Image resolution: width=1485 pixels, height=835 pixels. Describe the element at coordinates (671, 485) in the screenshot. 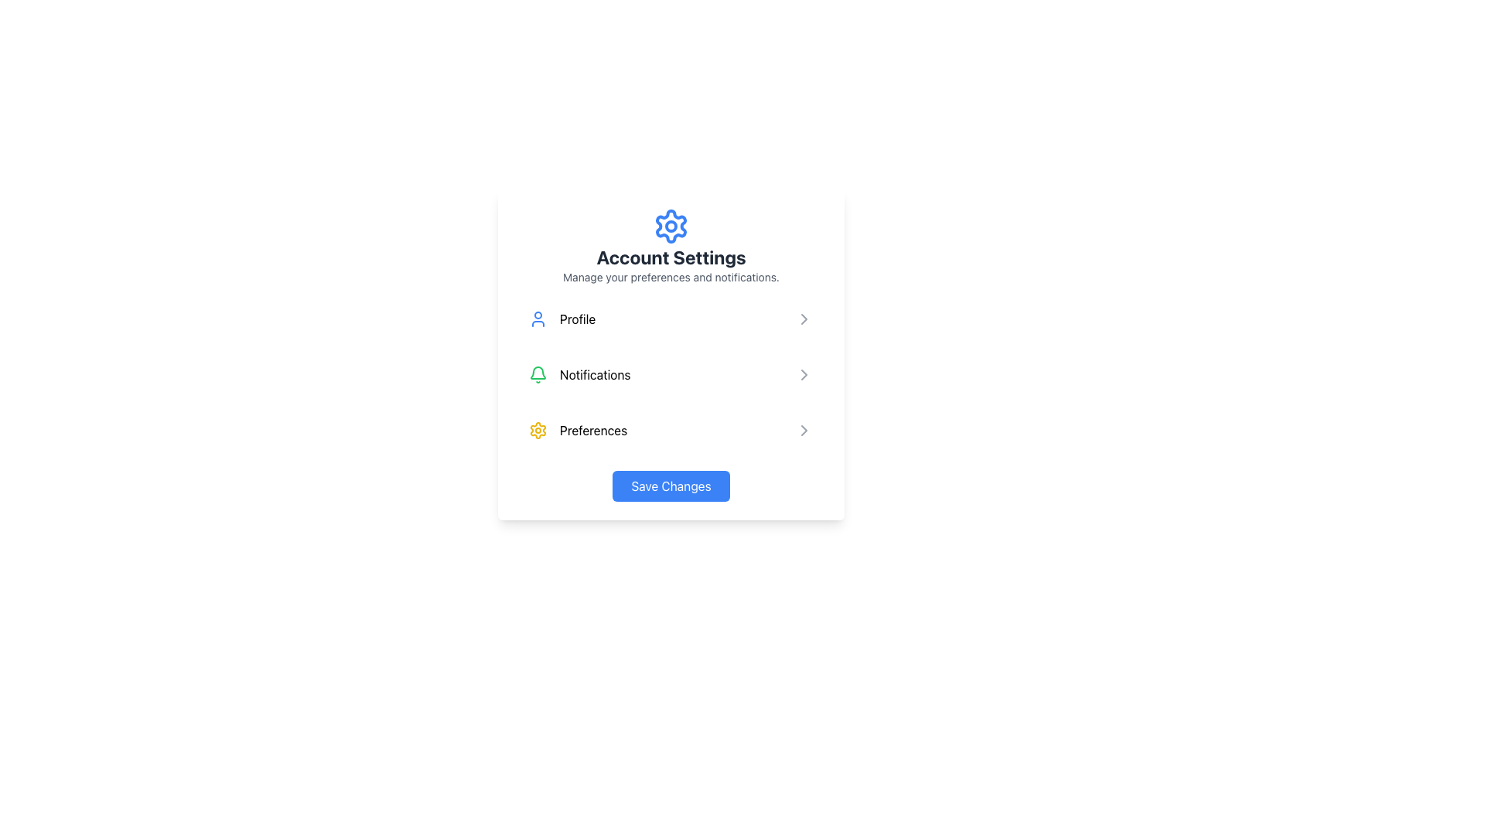

I see `the submission button located at the bottom of the 'Account Settings' section` at that location.